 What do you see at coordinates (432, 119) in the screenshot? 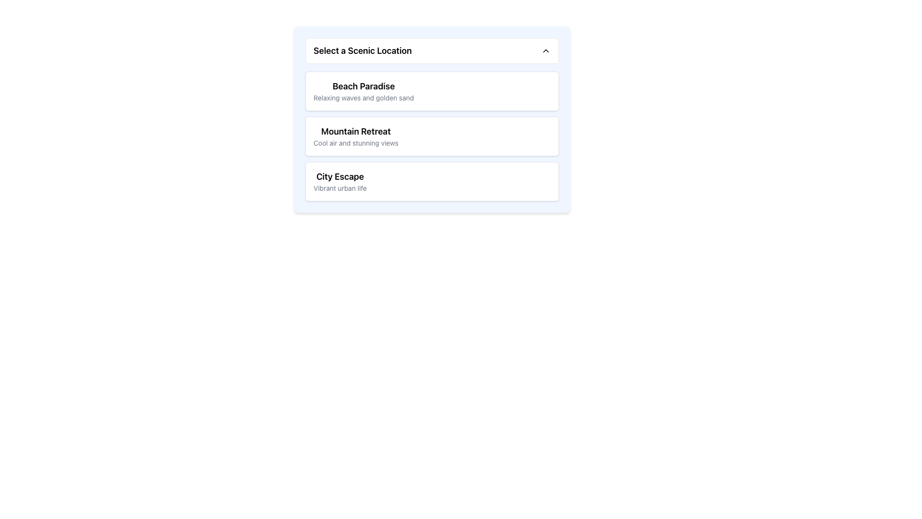
I see `the 'Mountain Retreat' option in the dropdown list labeled 'Select a Scenic Location'` at bounding box center [432, 119].